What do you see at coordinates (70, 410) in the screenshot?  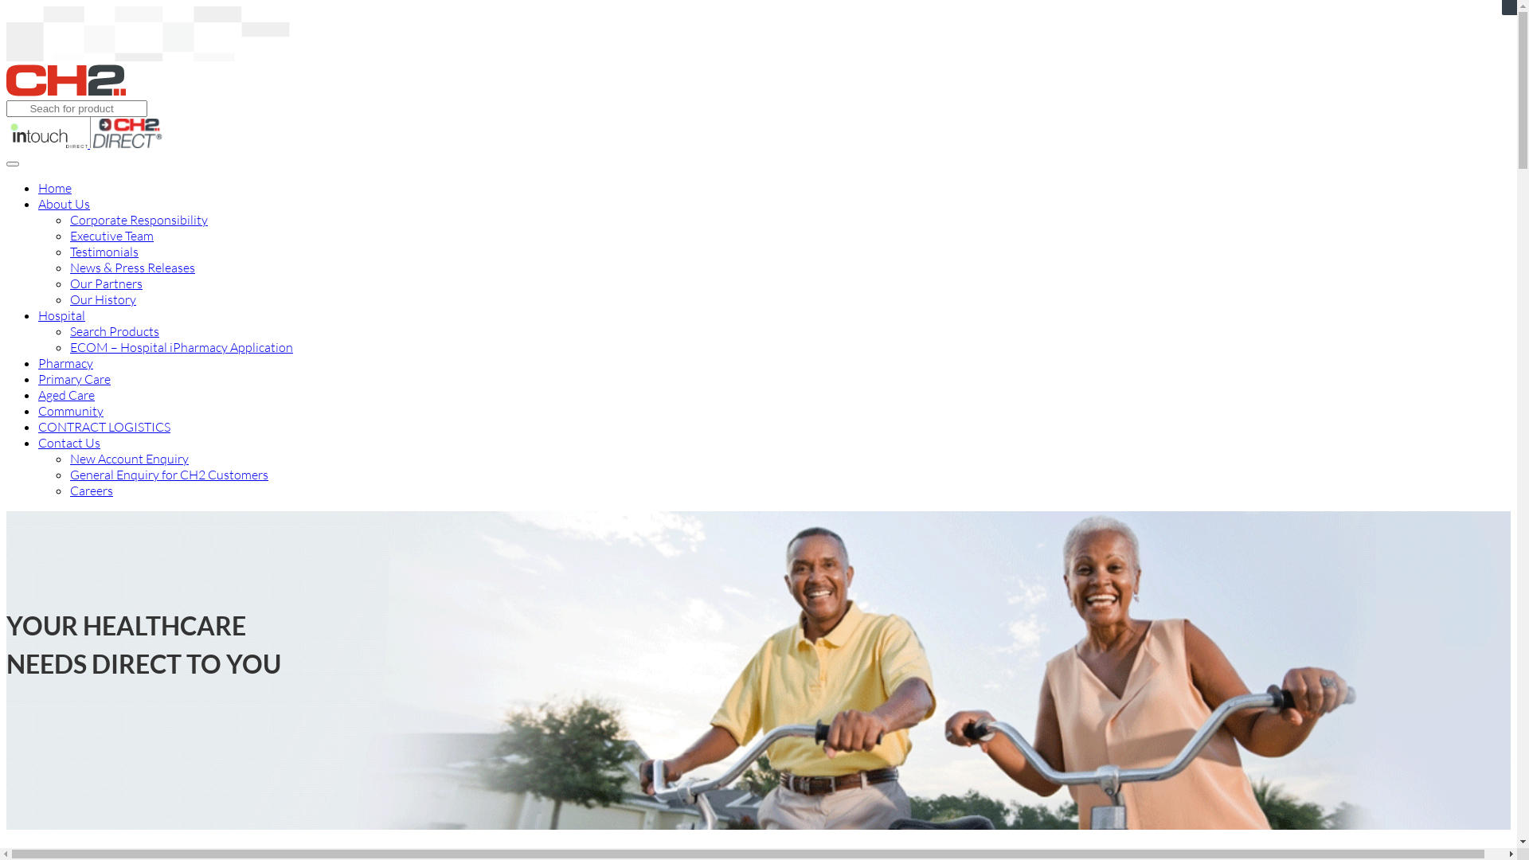 I see `'Community'` at bounding box center [70, 410].